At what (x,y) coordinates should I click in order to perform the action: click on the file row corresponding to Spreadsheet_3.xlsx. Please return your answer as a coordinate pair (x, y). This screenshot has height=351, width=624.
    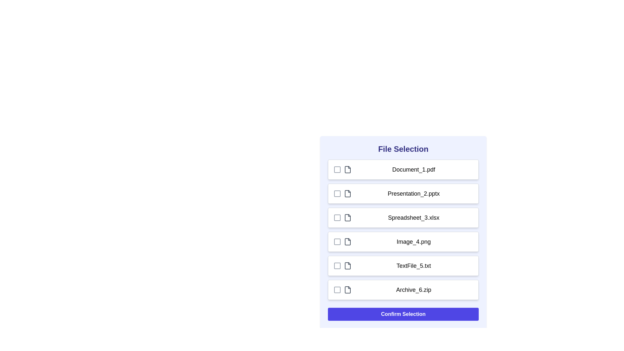
    Looking at the image, I should click on (403, 218).